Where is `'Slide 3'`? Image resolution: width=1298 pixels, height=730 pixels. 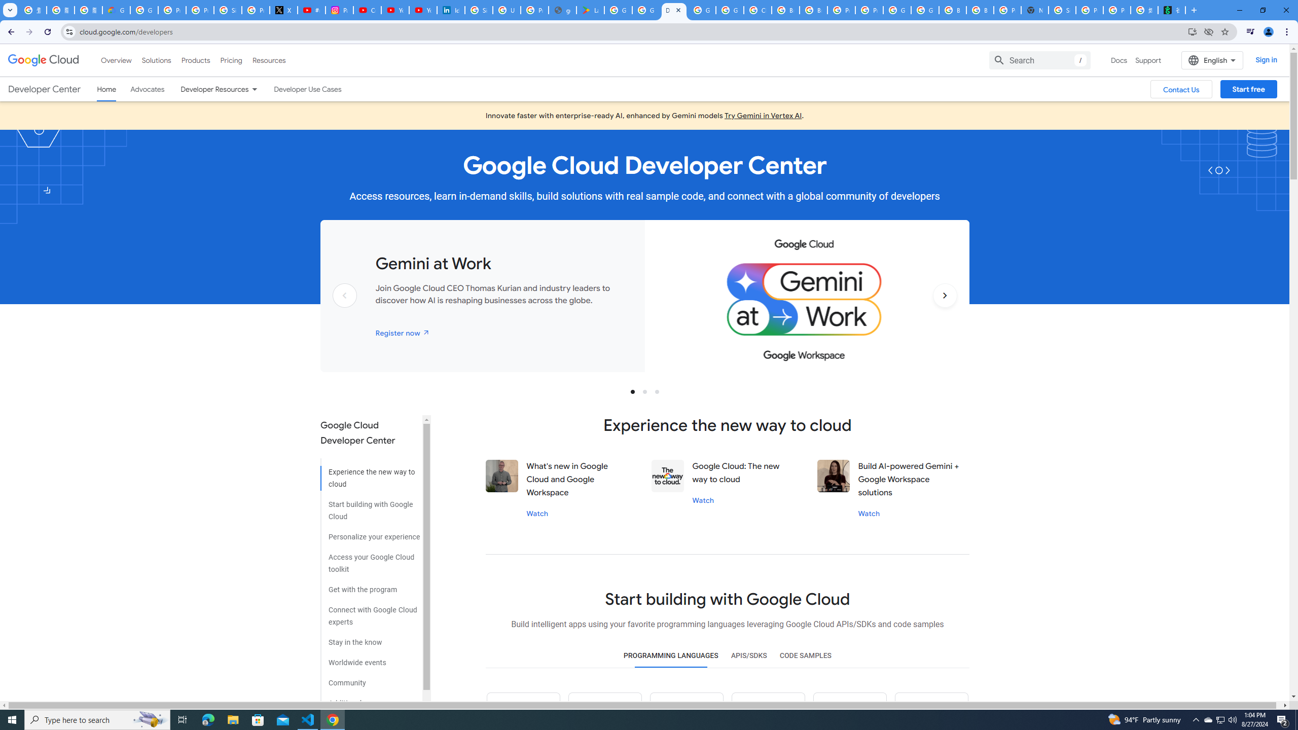 'Slide 3' is located at coordinates (657, 391).